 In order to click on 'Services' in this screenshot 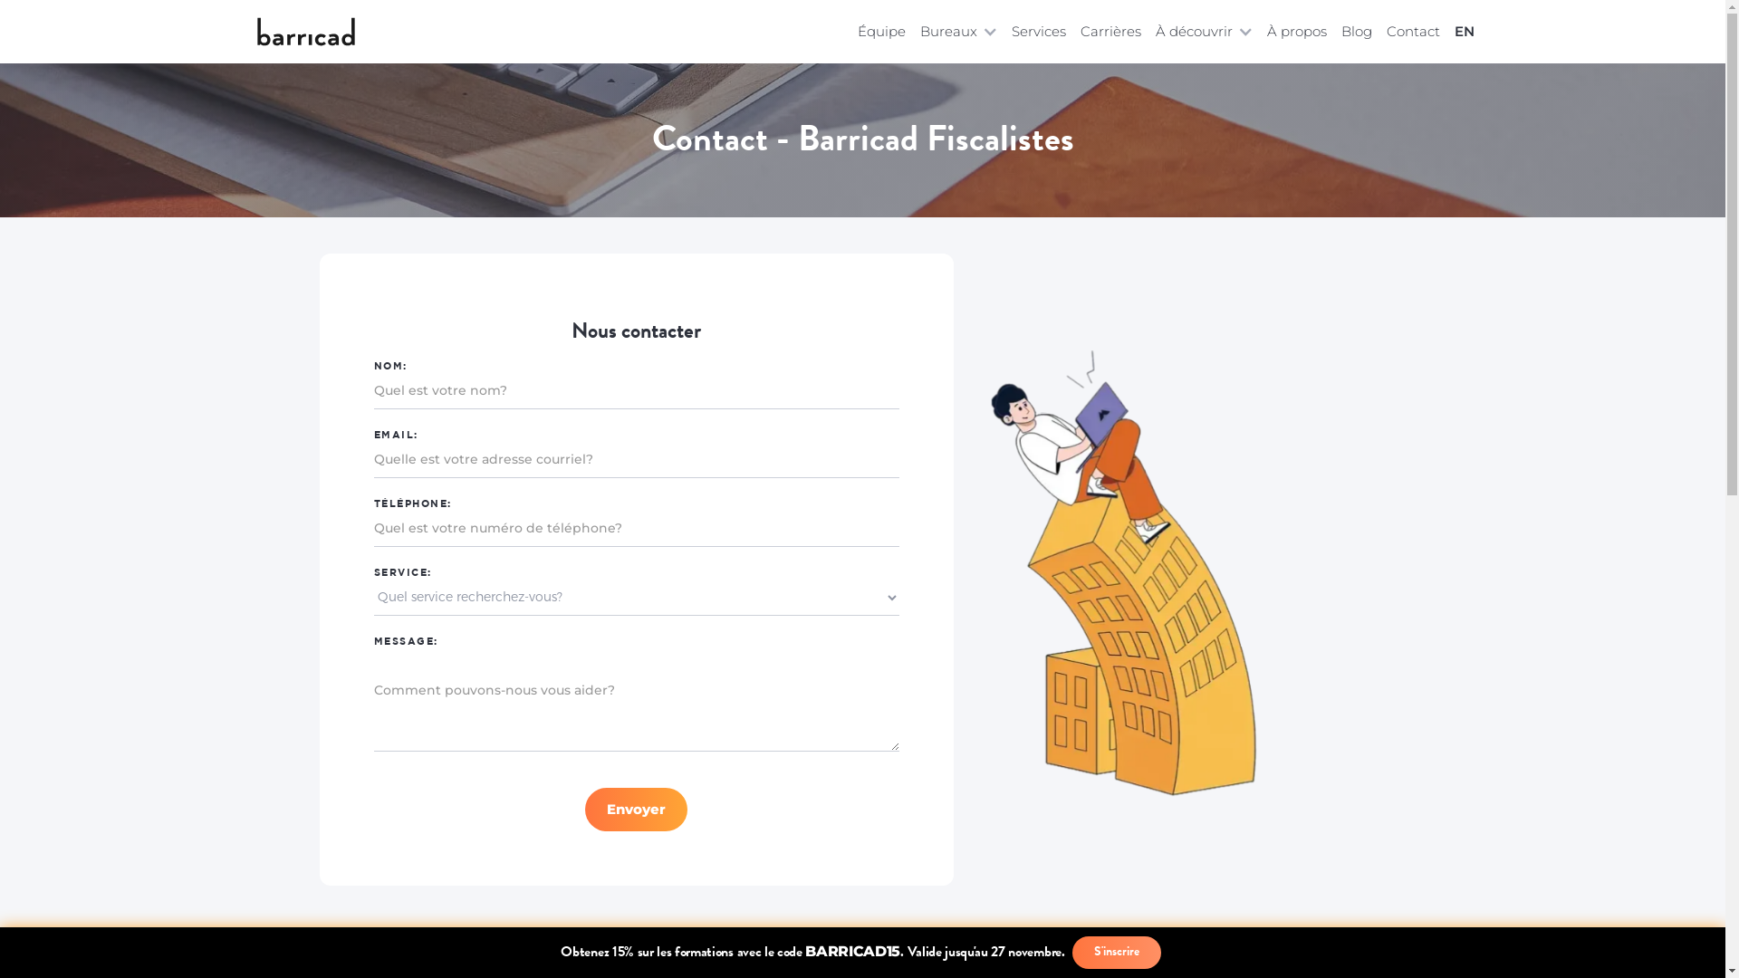, I will do `click(1038, 31)`.